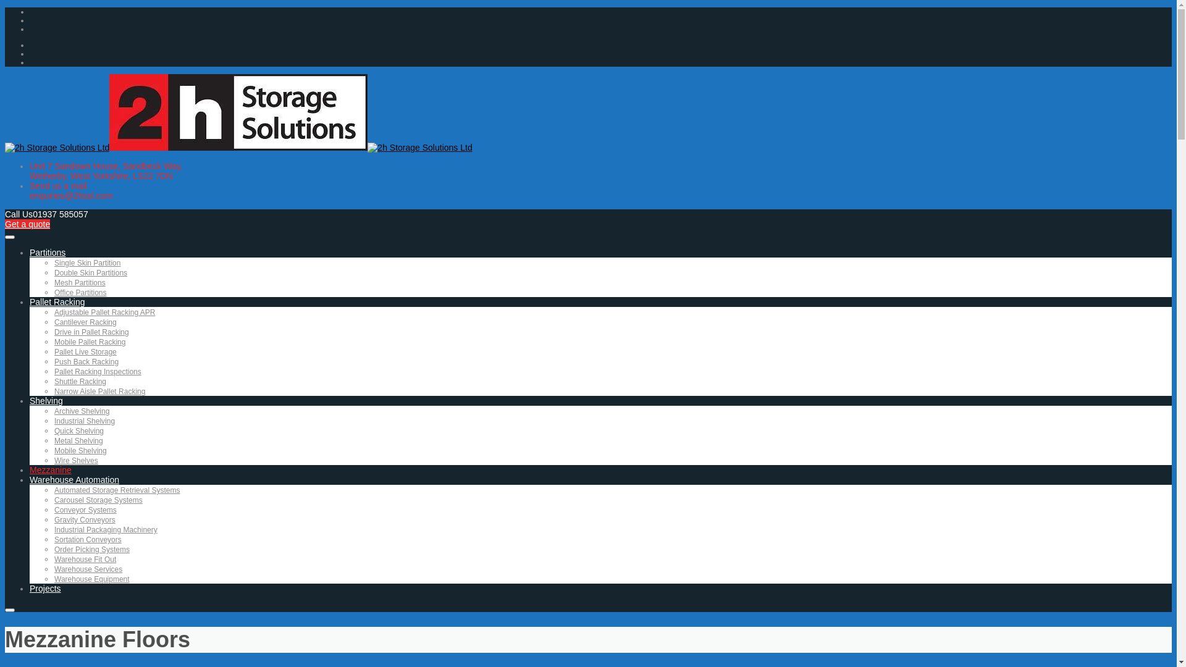 The width and height of the screenshot is (1186, 667). I want to click on 'Industrial Packaging Machinery', so click(106, 529).